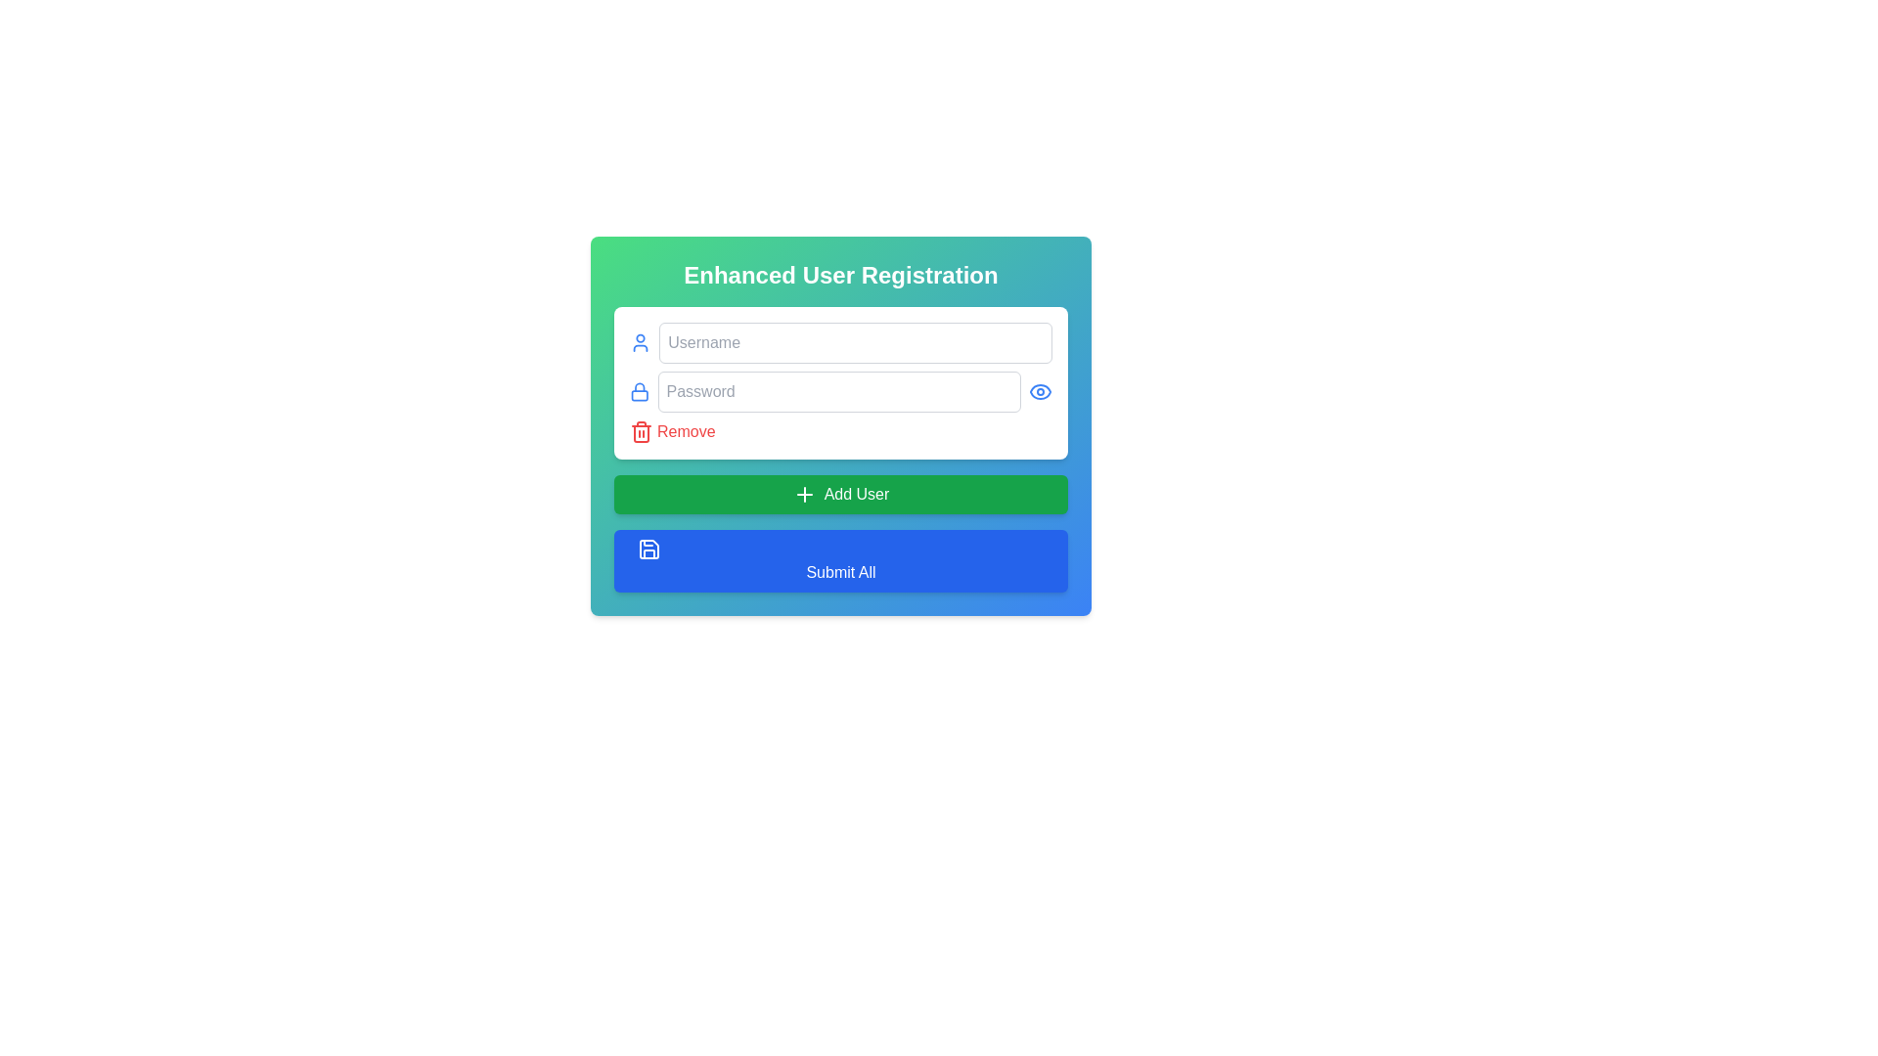 This screenshot has width=1878, height=1056. I want to click on the 'Add User' button which has a plus sign icon, so click(804, 493).